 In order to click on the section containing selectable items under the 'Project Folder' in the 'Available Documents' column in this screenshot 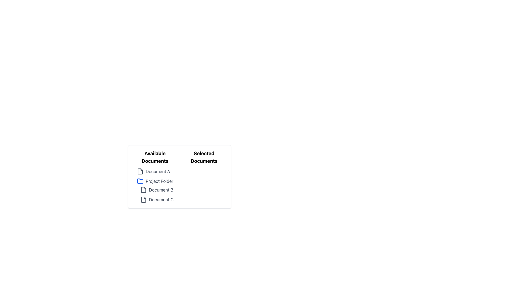, I will do `click(156, 194)`.